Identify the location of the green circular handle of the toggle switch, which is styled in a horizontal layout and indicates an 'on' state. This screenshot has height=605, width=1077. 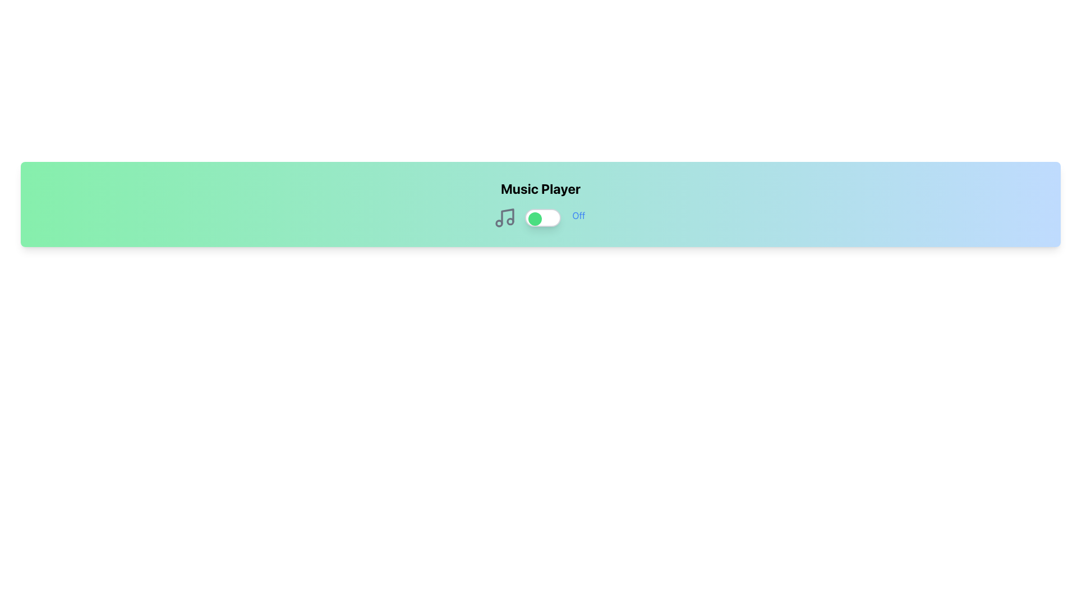
(541, 218).